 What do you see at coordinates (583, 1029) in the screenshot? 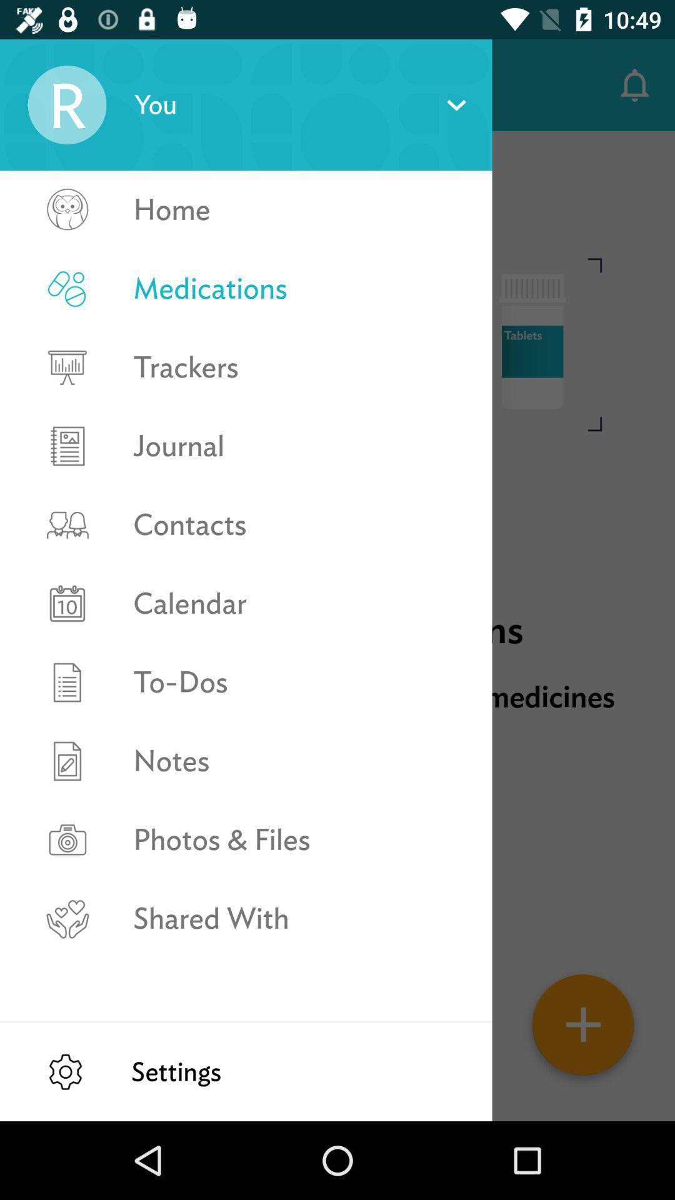
I see `the add icon` at bounding box center [583, 1029].